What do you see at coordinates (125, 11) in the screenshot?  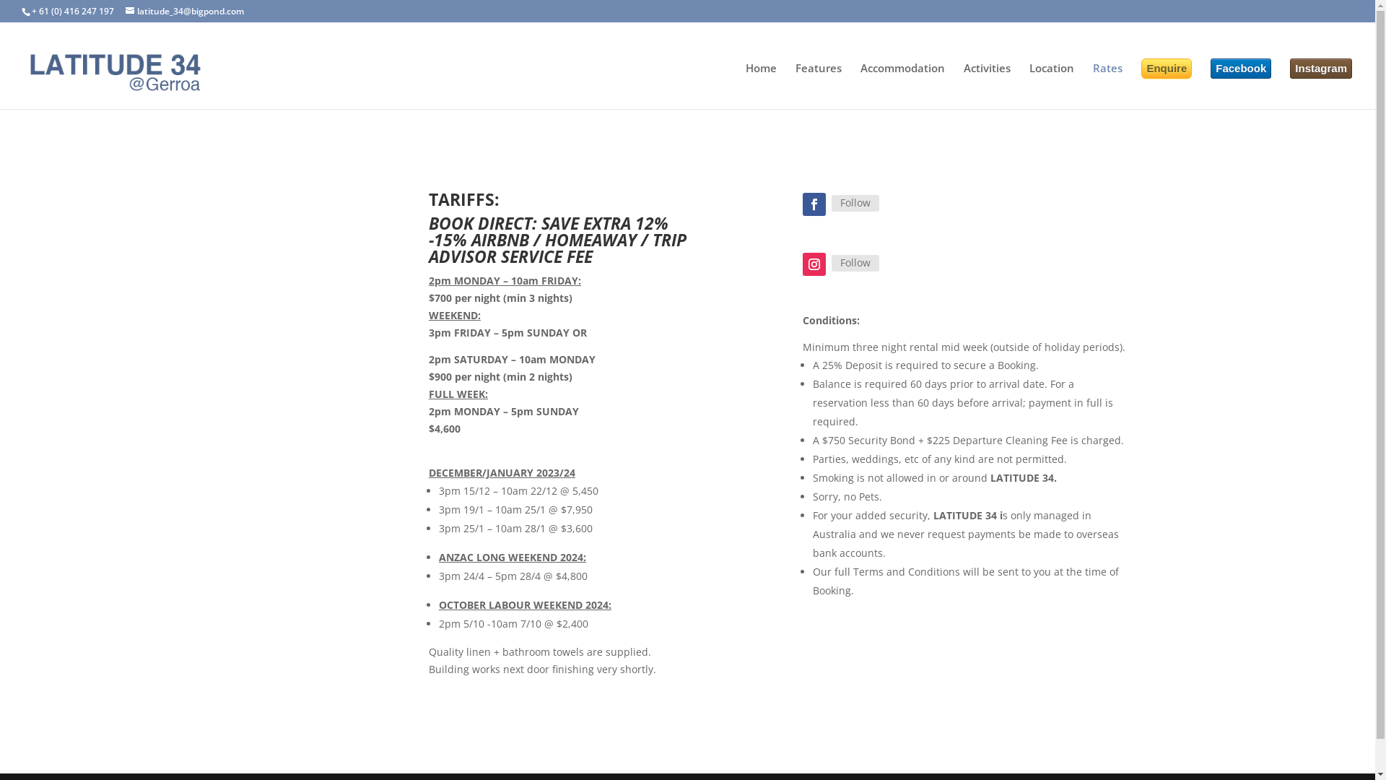 I see `'latitude_34@bigpond.com'` at bounding box center [125, 11].